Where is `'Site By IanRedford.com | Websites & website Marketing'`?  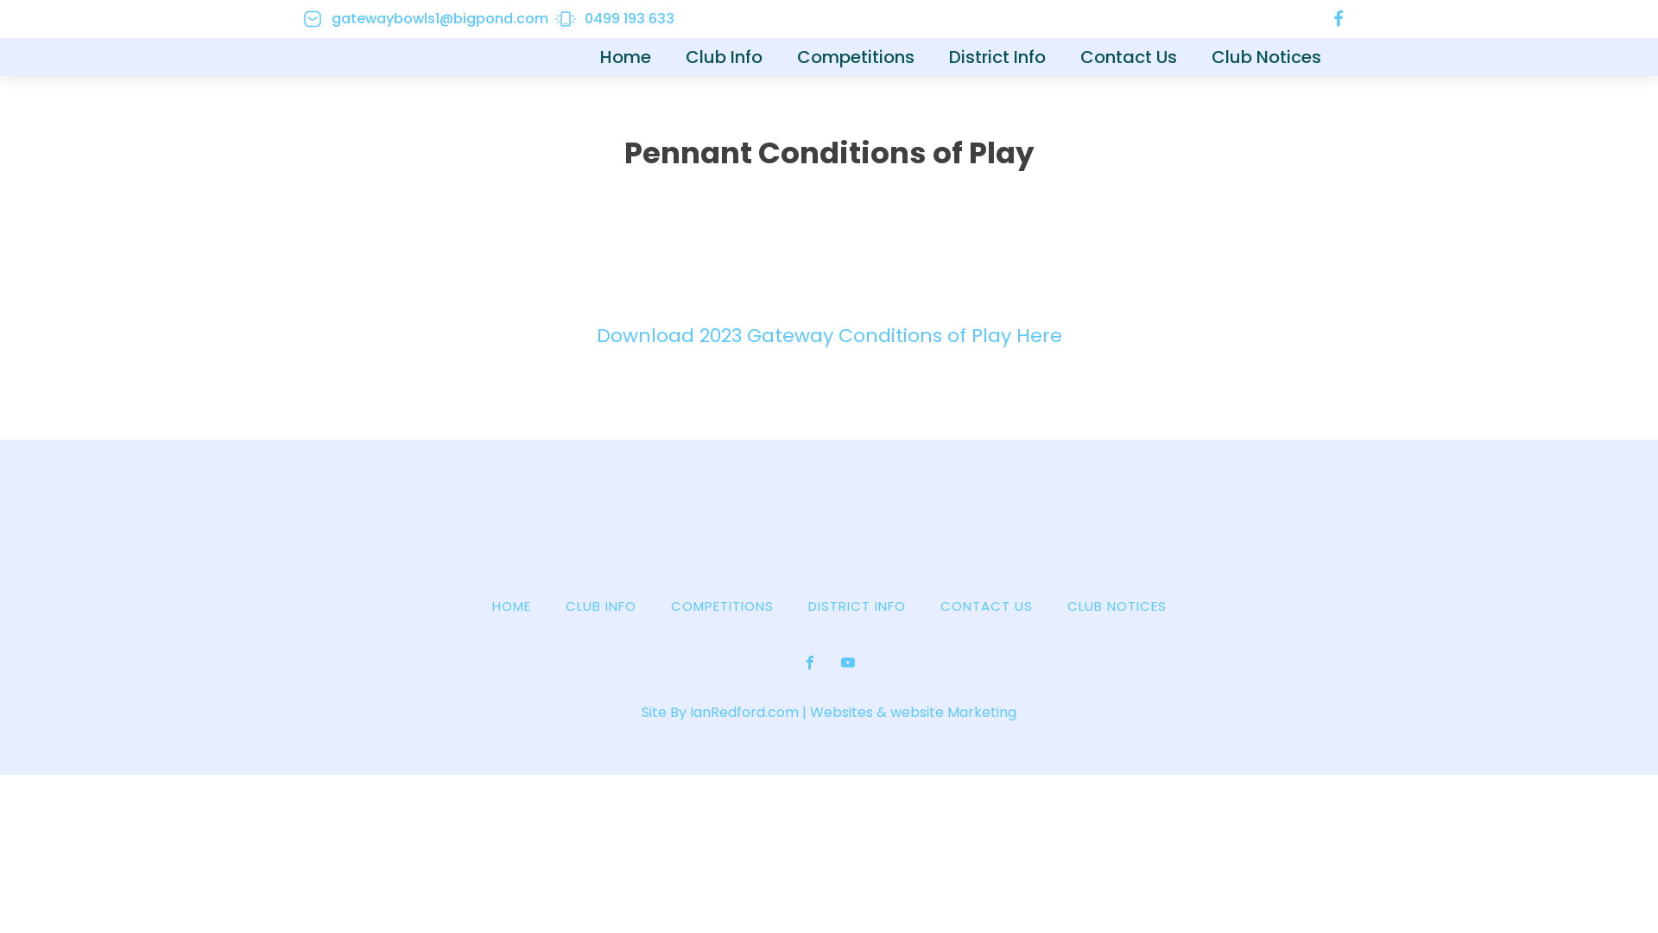 'Site By IanRedford.com | Websites & website Marketing' is located at coordinates (829, 713).